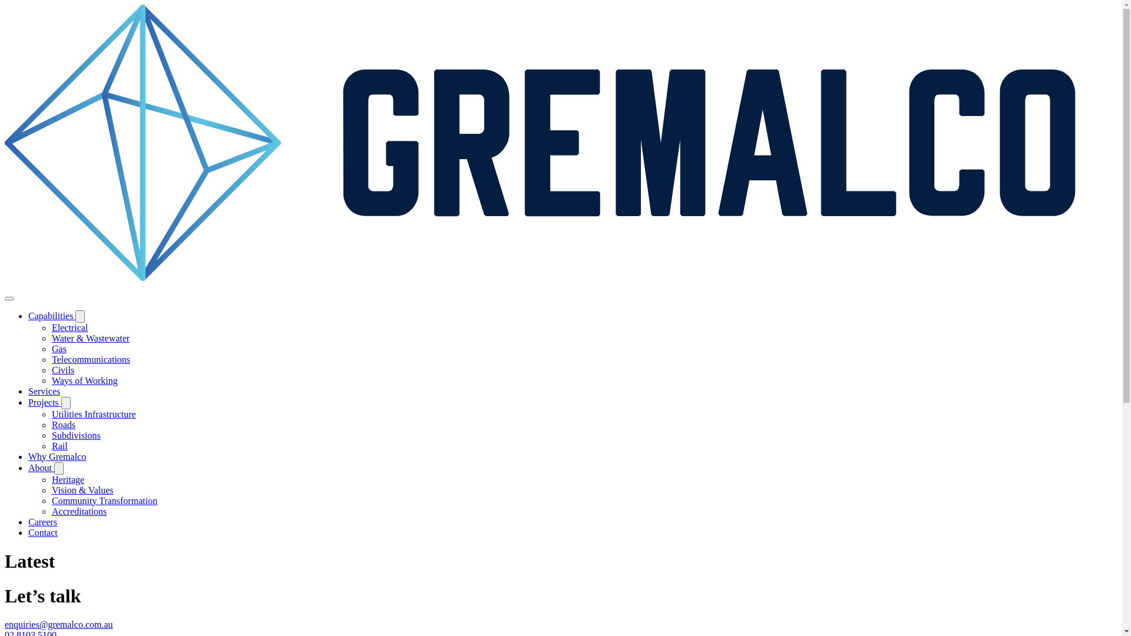 This screenshot has width=1131, height=636. Describe the element at coordinates (28, 391) in the screenshot. I see `'Services'` at that location.